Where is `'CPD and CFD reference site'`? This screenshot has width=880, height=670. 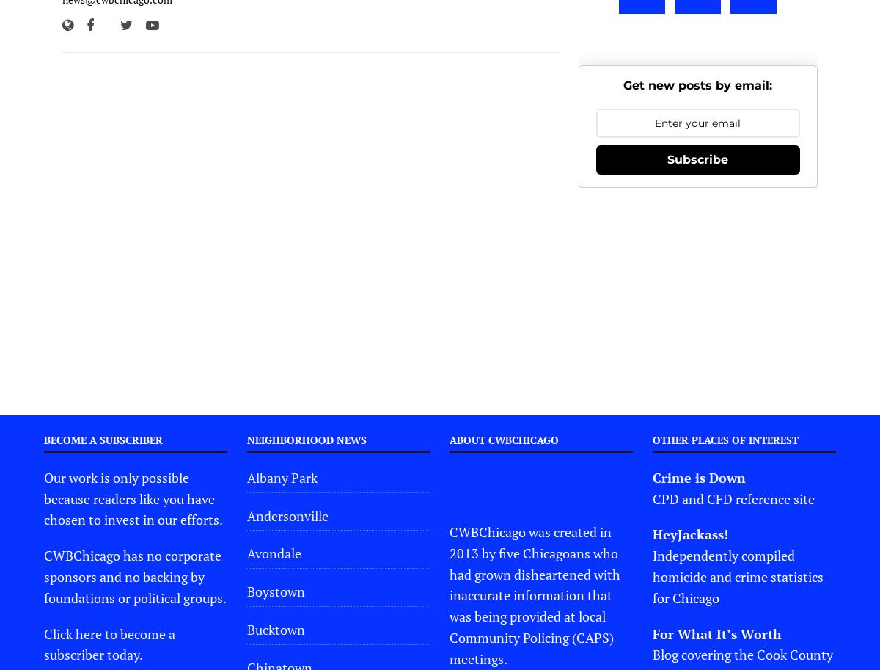 'CPD and CFD reference site' is located at coordinates (652, 498).